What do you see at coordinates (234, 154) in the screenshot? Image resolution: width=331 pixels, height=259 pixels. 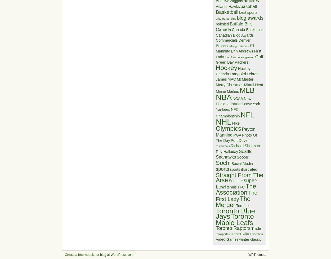 I see `'Seattle Seahawks'` at bounding box center [234, 154].